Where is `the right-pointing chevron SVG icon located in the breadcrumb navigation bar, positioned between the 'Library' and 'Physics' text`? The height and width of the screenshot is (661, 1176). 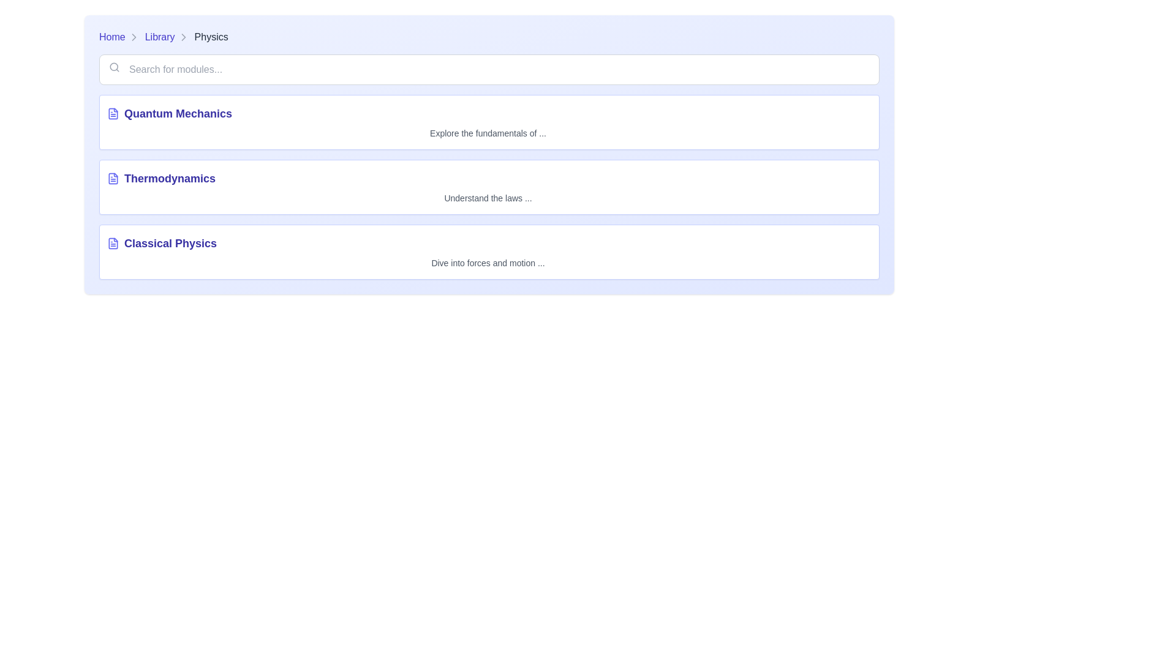 the right-pointing chevron SVG icon located in the breadcrumb navigation bar, positioned between the 'Library' and 'Physics' text is located at coordinates (183, 37).